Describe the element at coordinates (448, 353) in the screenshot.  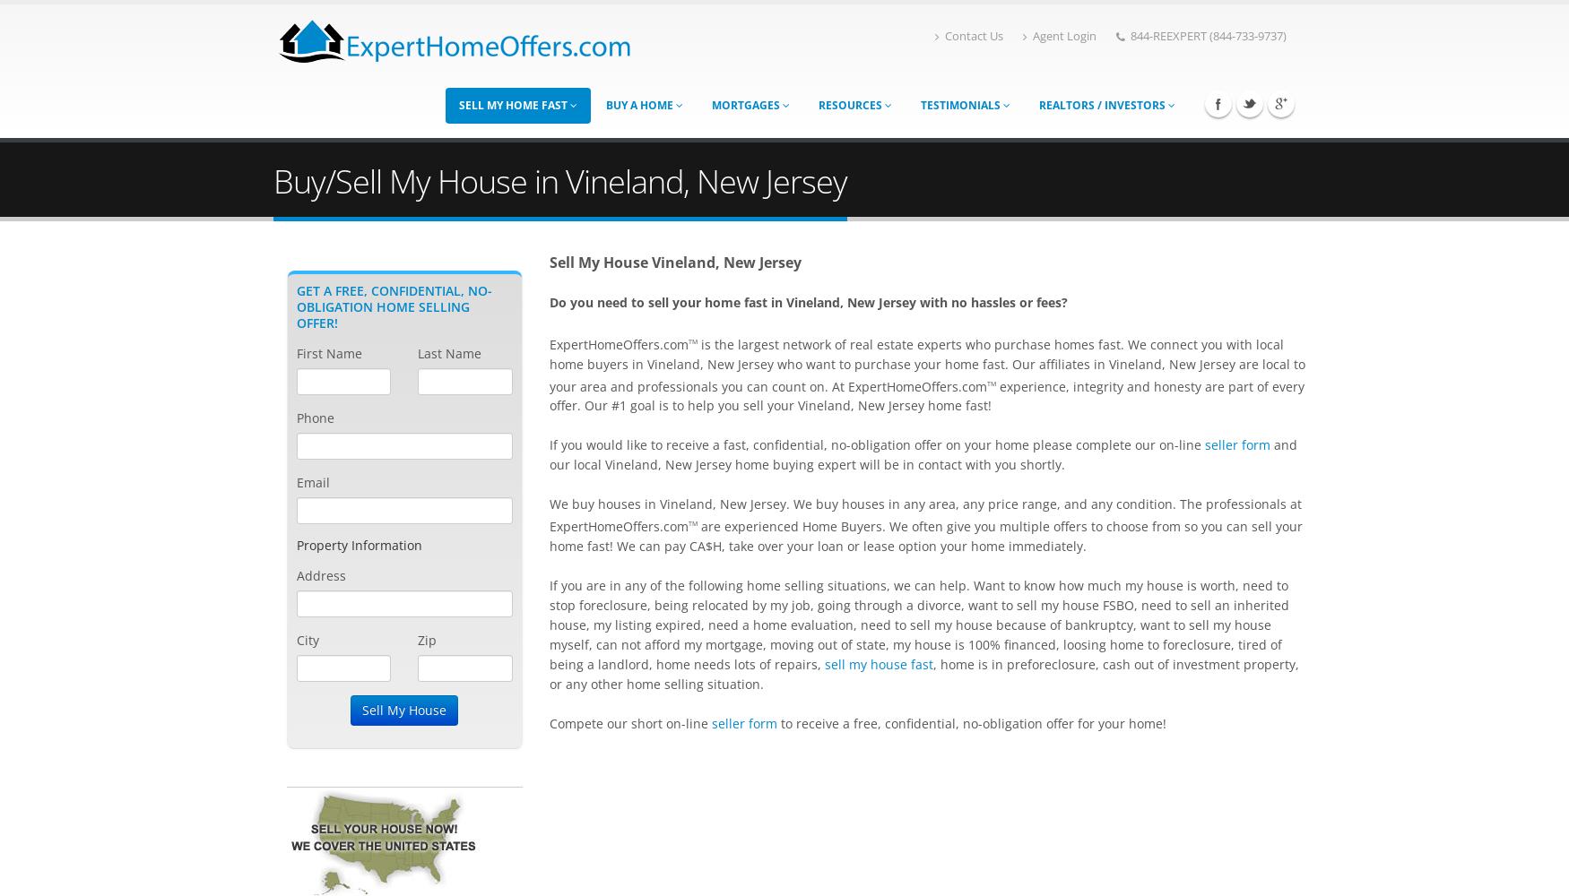
I see `'Last Name'` at that location.